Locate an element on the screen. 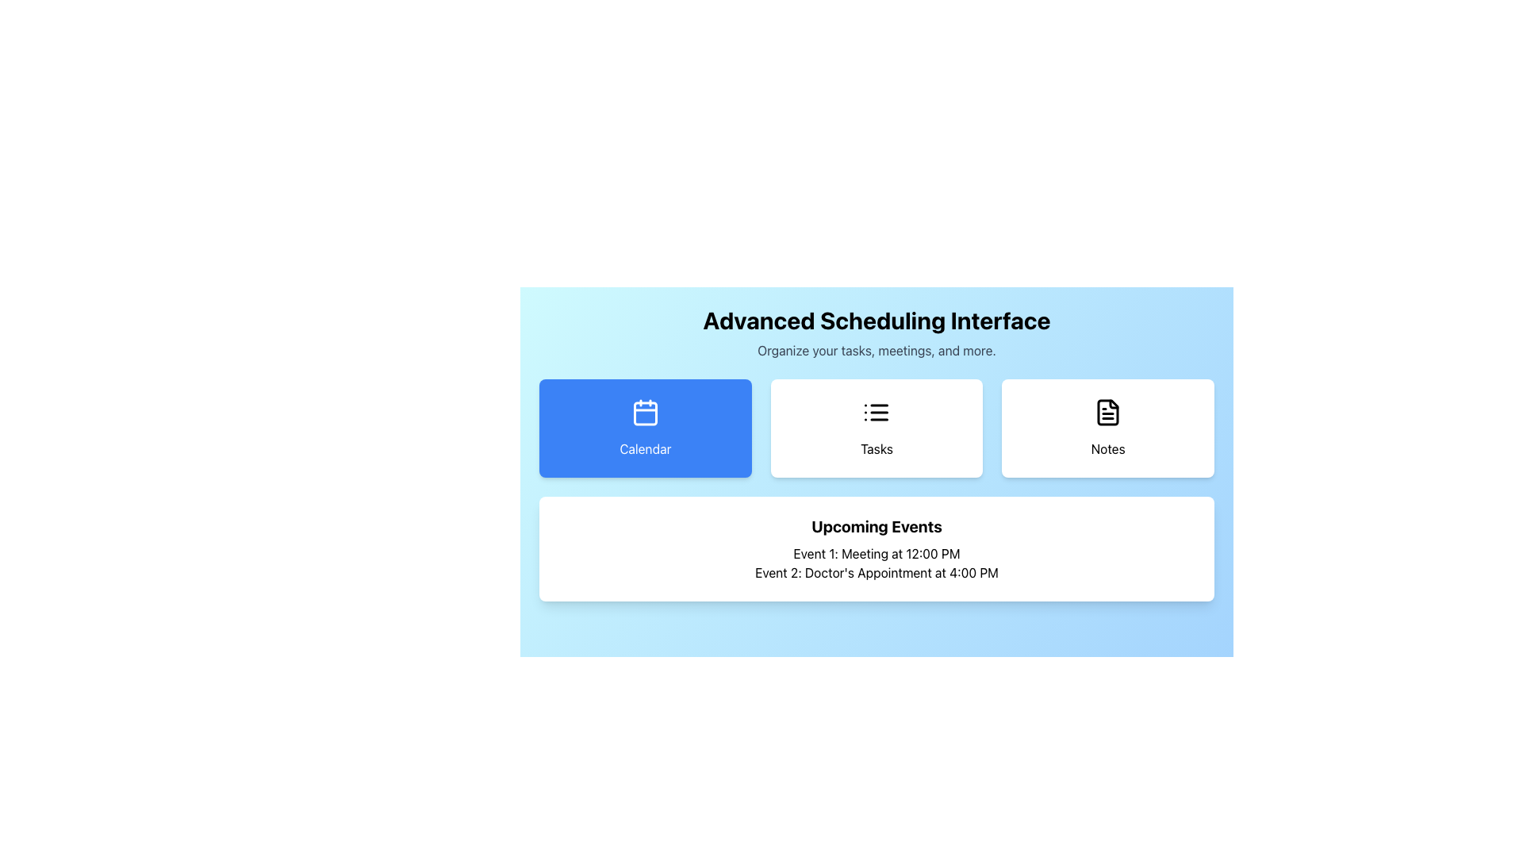  text content of the Header element which serves as the title for the upcoming events list, positioned at the top of the section is located at coordinates (876, 526).